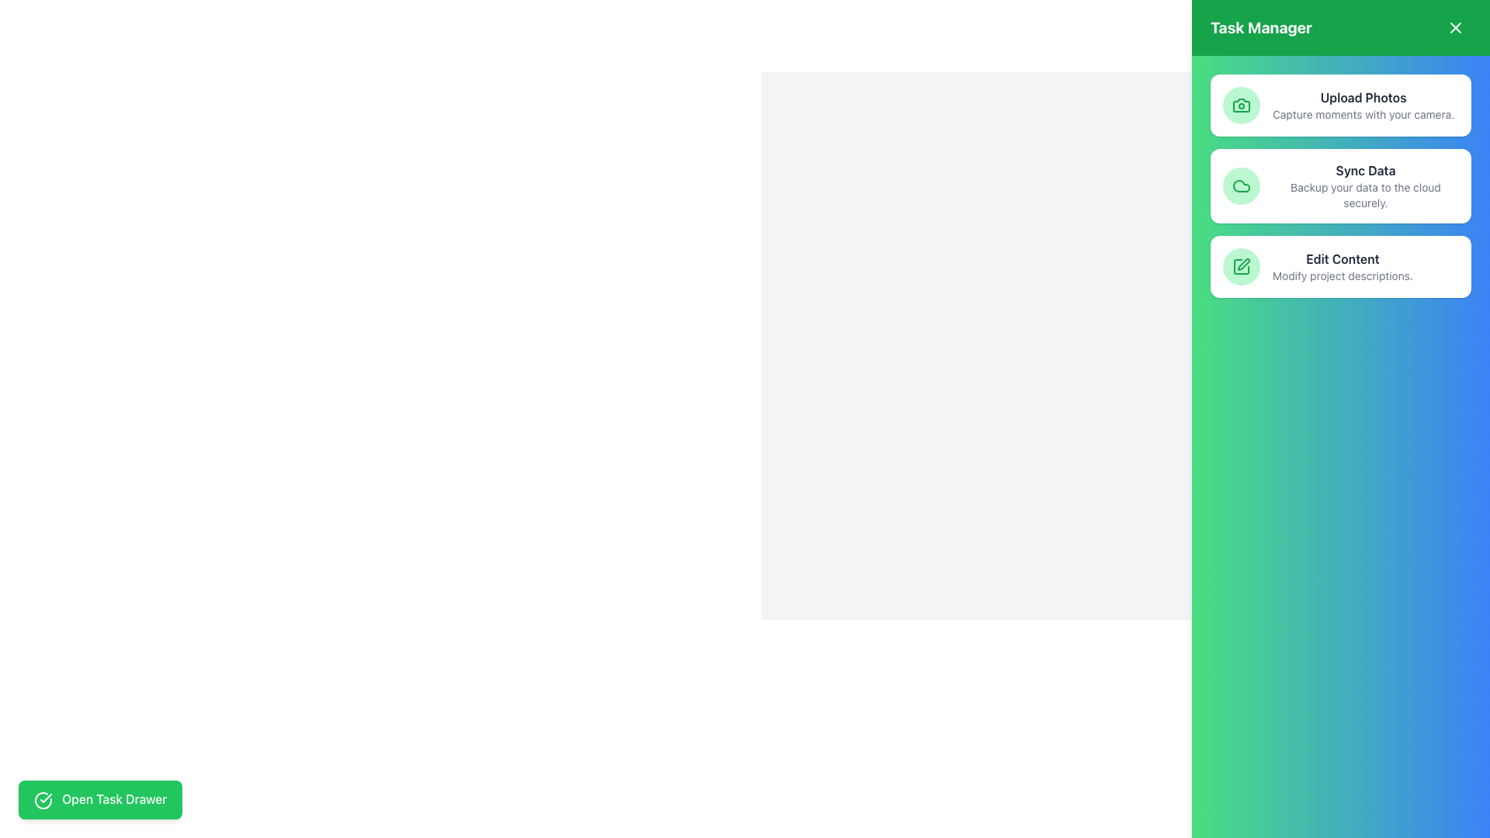 Image resolution: width=1490 pixels, height=838 pixels. What do you see at coordinates (1240, 105) in the screenshot?
I see `the circular light green Icon Button with a green camera icon to interact with the feature` at bounding box center [1240, 105].